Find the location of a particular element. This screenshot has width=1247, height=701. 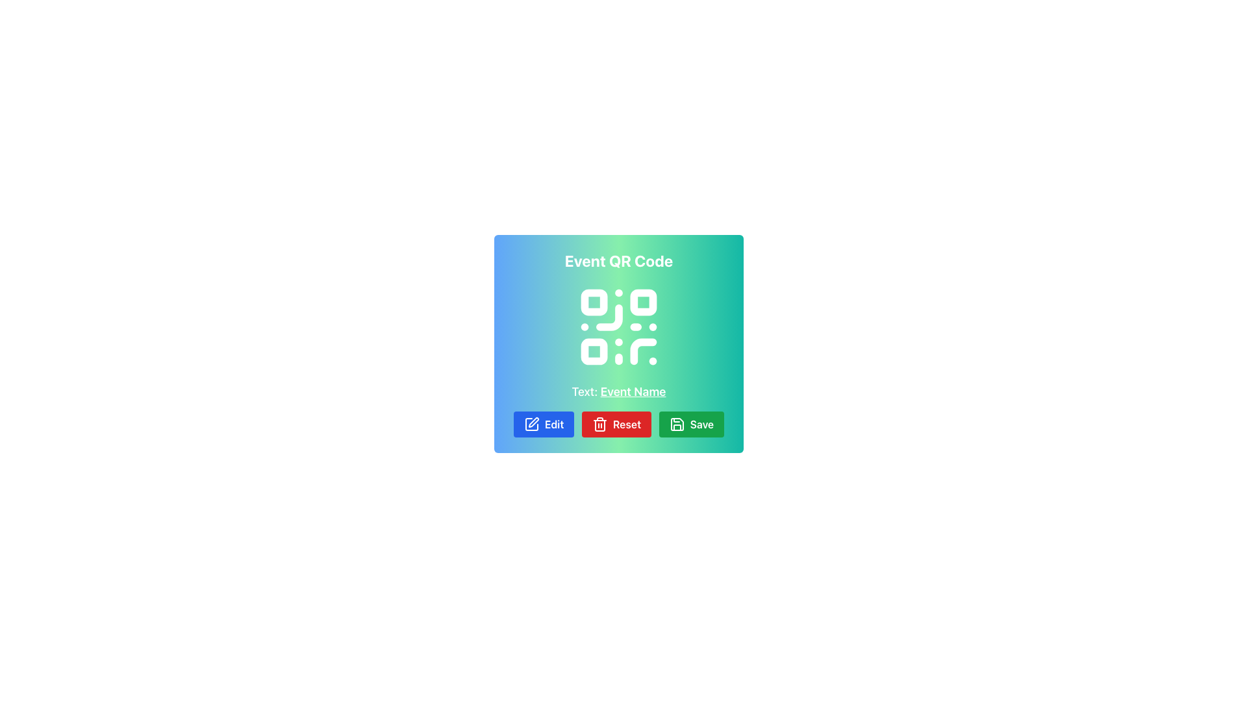

the 'Save' button located at the far right of the button group to commit changes made by the user is located at coordinates (691, 424).